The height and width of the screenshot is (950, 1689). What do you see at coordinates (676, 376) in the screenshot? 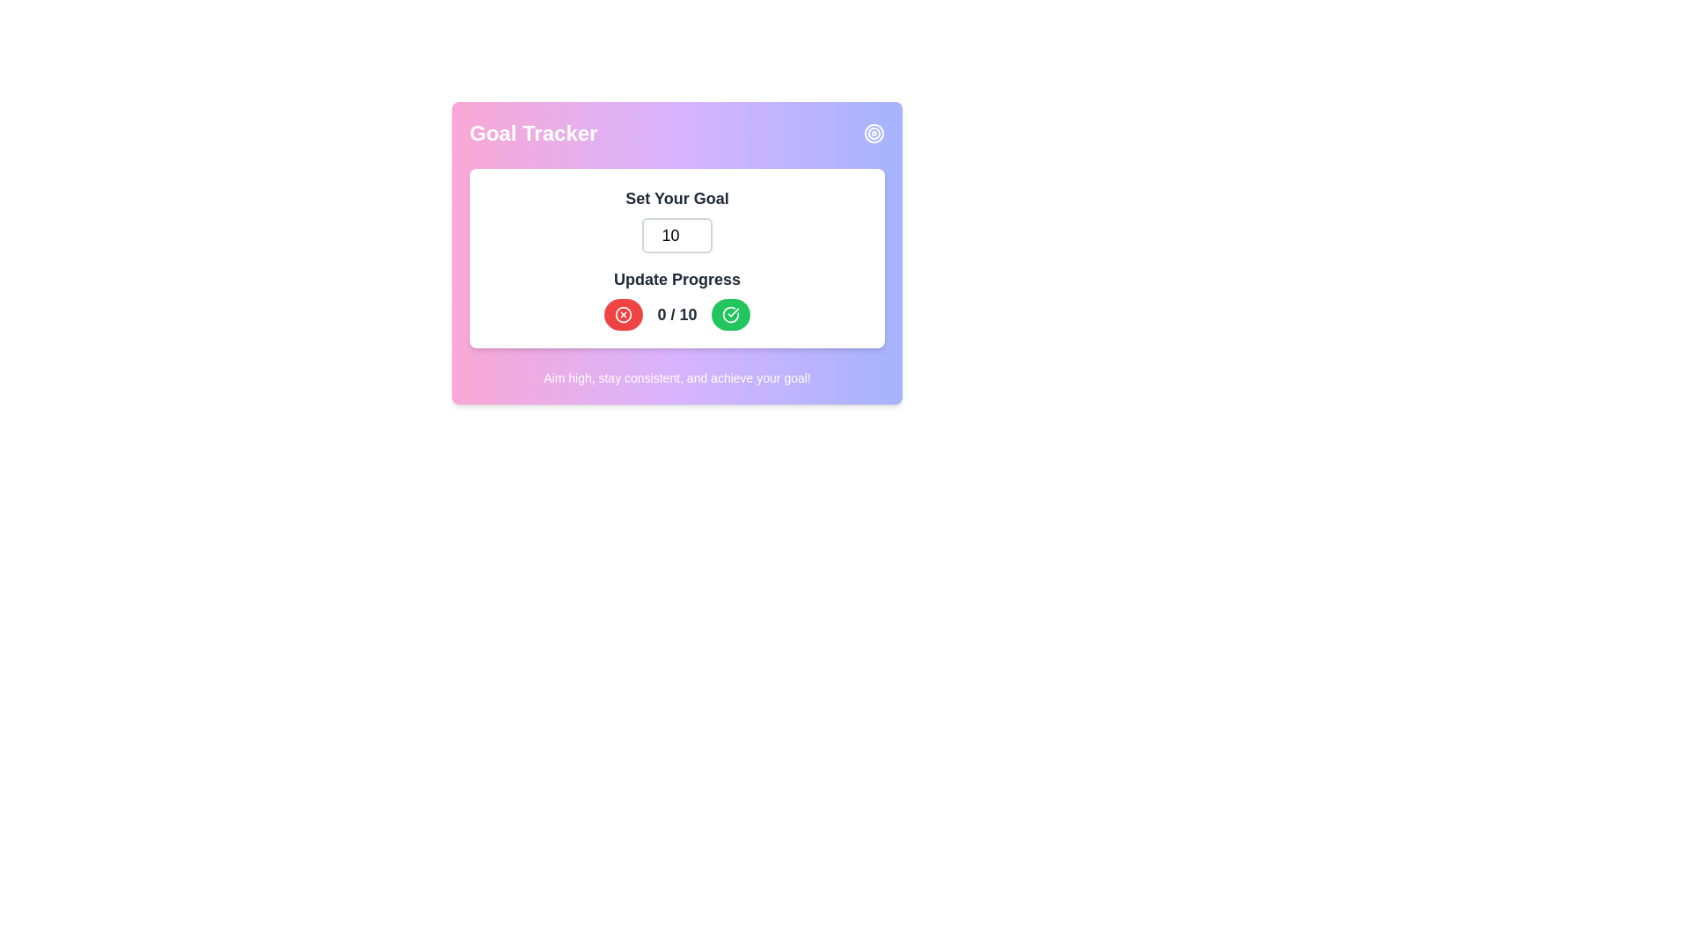
I see `the motivational text element at the bottom of the 'Goal Tracker' card, which provides encouragement for users to stay consistent in their goals` at bounding box center [676, 376].